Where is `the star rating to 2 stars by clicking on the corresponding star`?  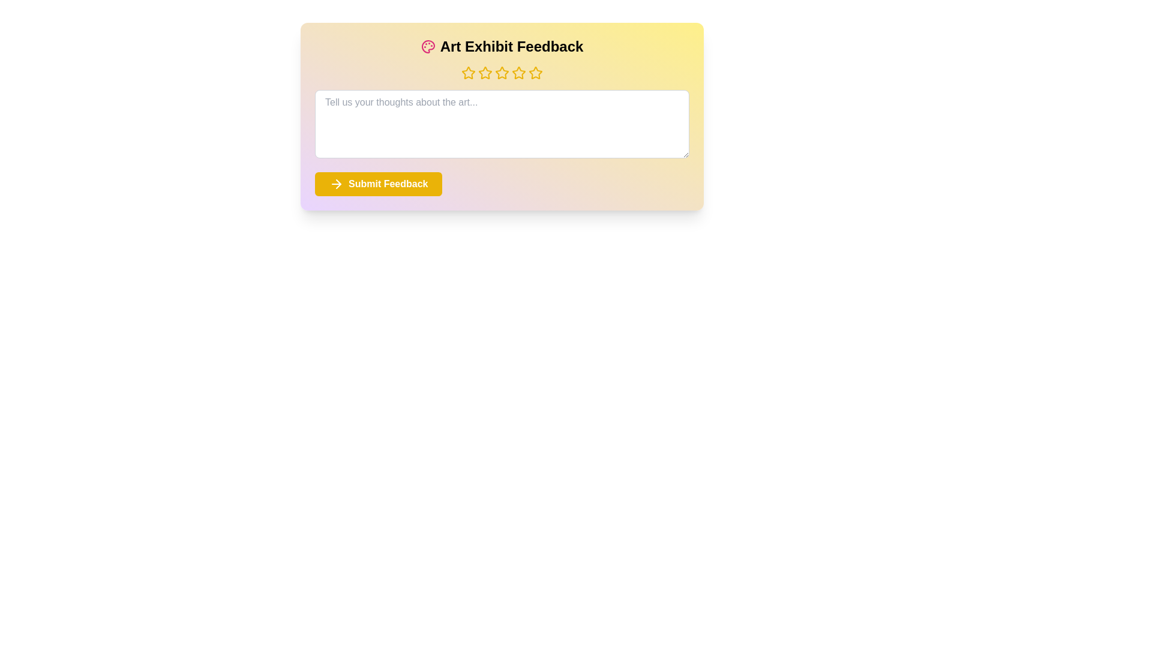 the star rating to 2 stars by clicking on the corresponding star is located at coordinates (485, 73).